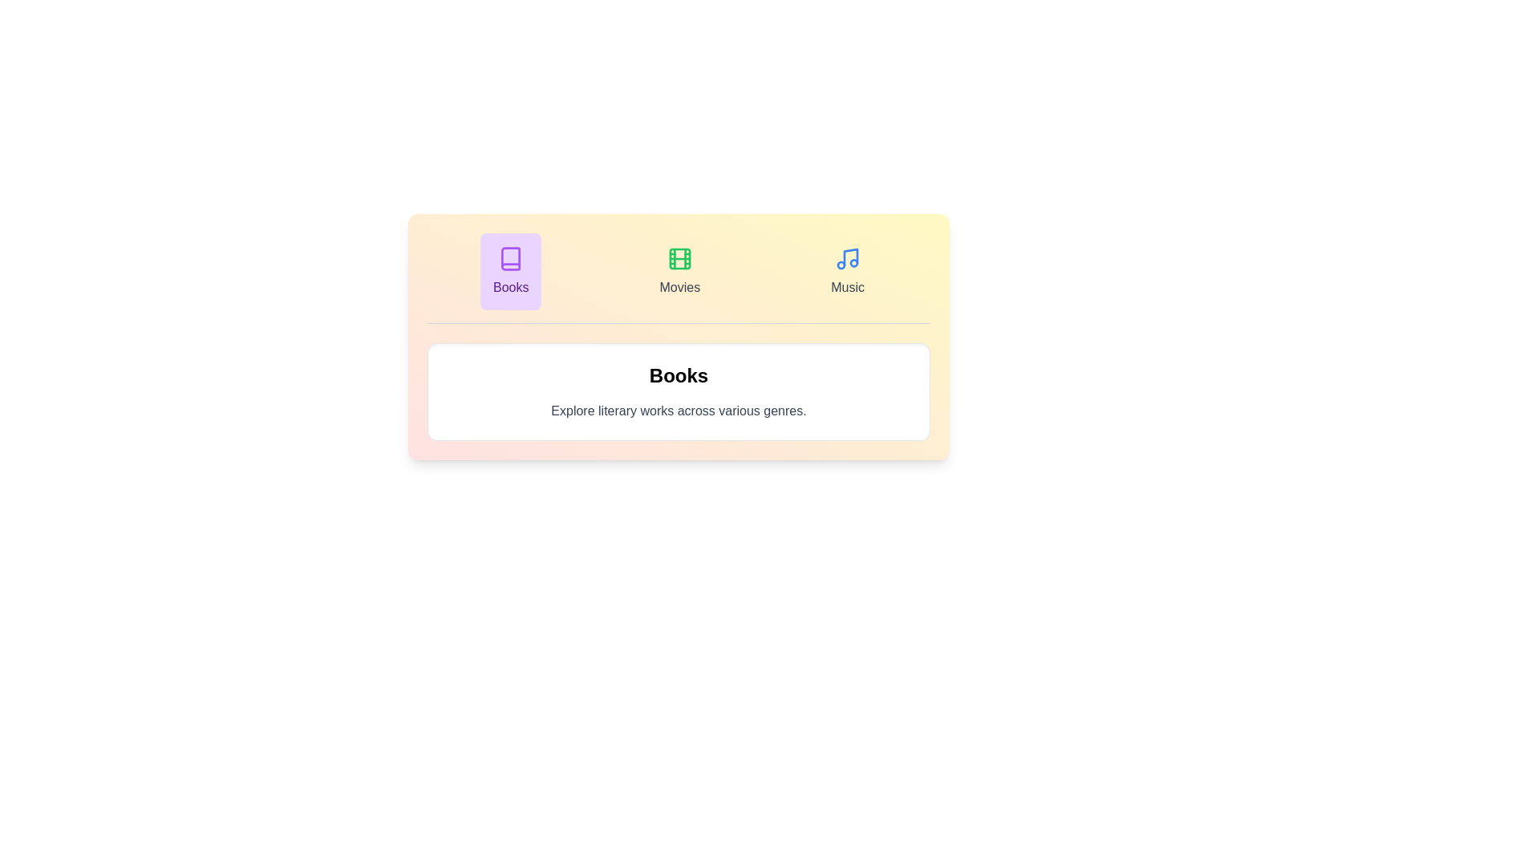 Image resolution: width=1540 pixels, height=866 pixels. Describe the element at coordinates (510, 271) in the screenshot. I see `the tab labeled Books and observe its icon and label` at that location.